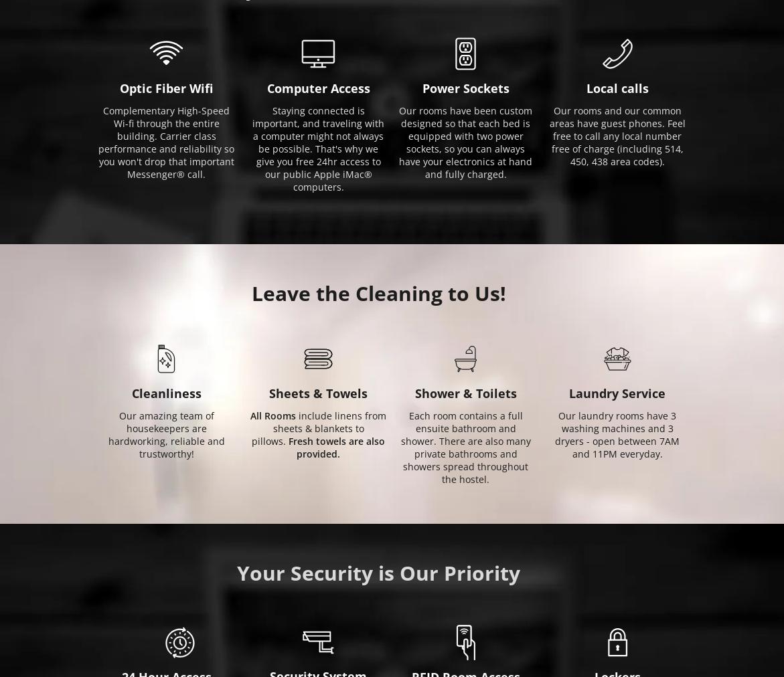 The width and height of the screenshot is (784, 677). I want to click on 'Cleanliness', so click(166, 392).